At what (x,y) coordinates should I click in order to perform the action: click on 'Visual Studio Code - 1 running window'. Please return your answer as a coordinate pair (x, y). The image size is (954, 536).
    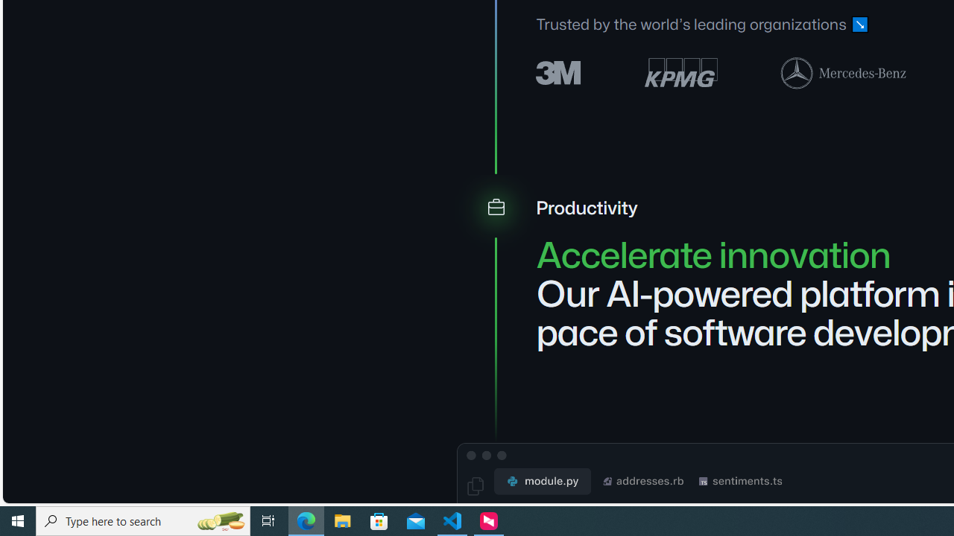
    Looking at the image, I should click on (452, 520).